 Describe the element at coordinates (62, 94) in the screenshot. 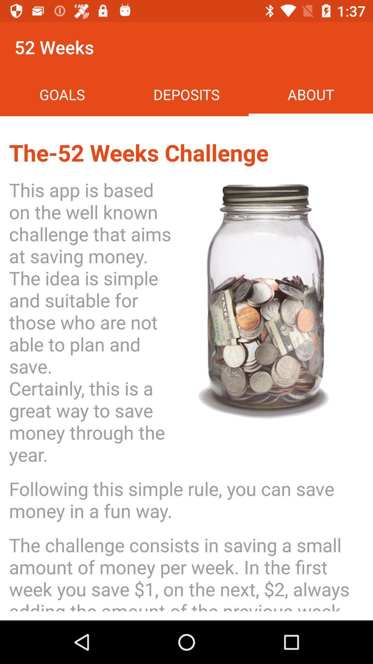

I see `icon above the 52 weeks icon` at that location.